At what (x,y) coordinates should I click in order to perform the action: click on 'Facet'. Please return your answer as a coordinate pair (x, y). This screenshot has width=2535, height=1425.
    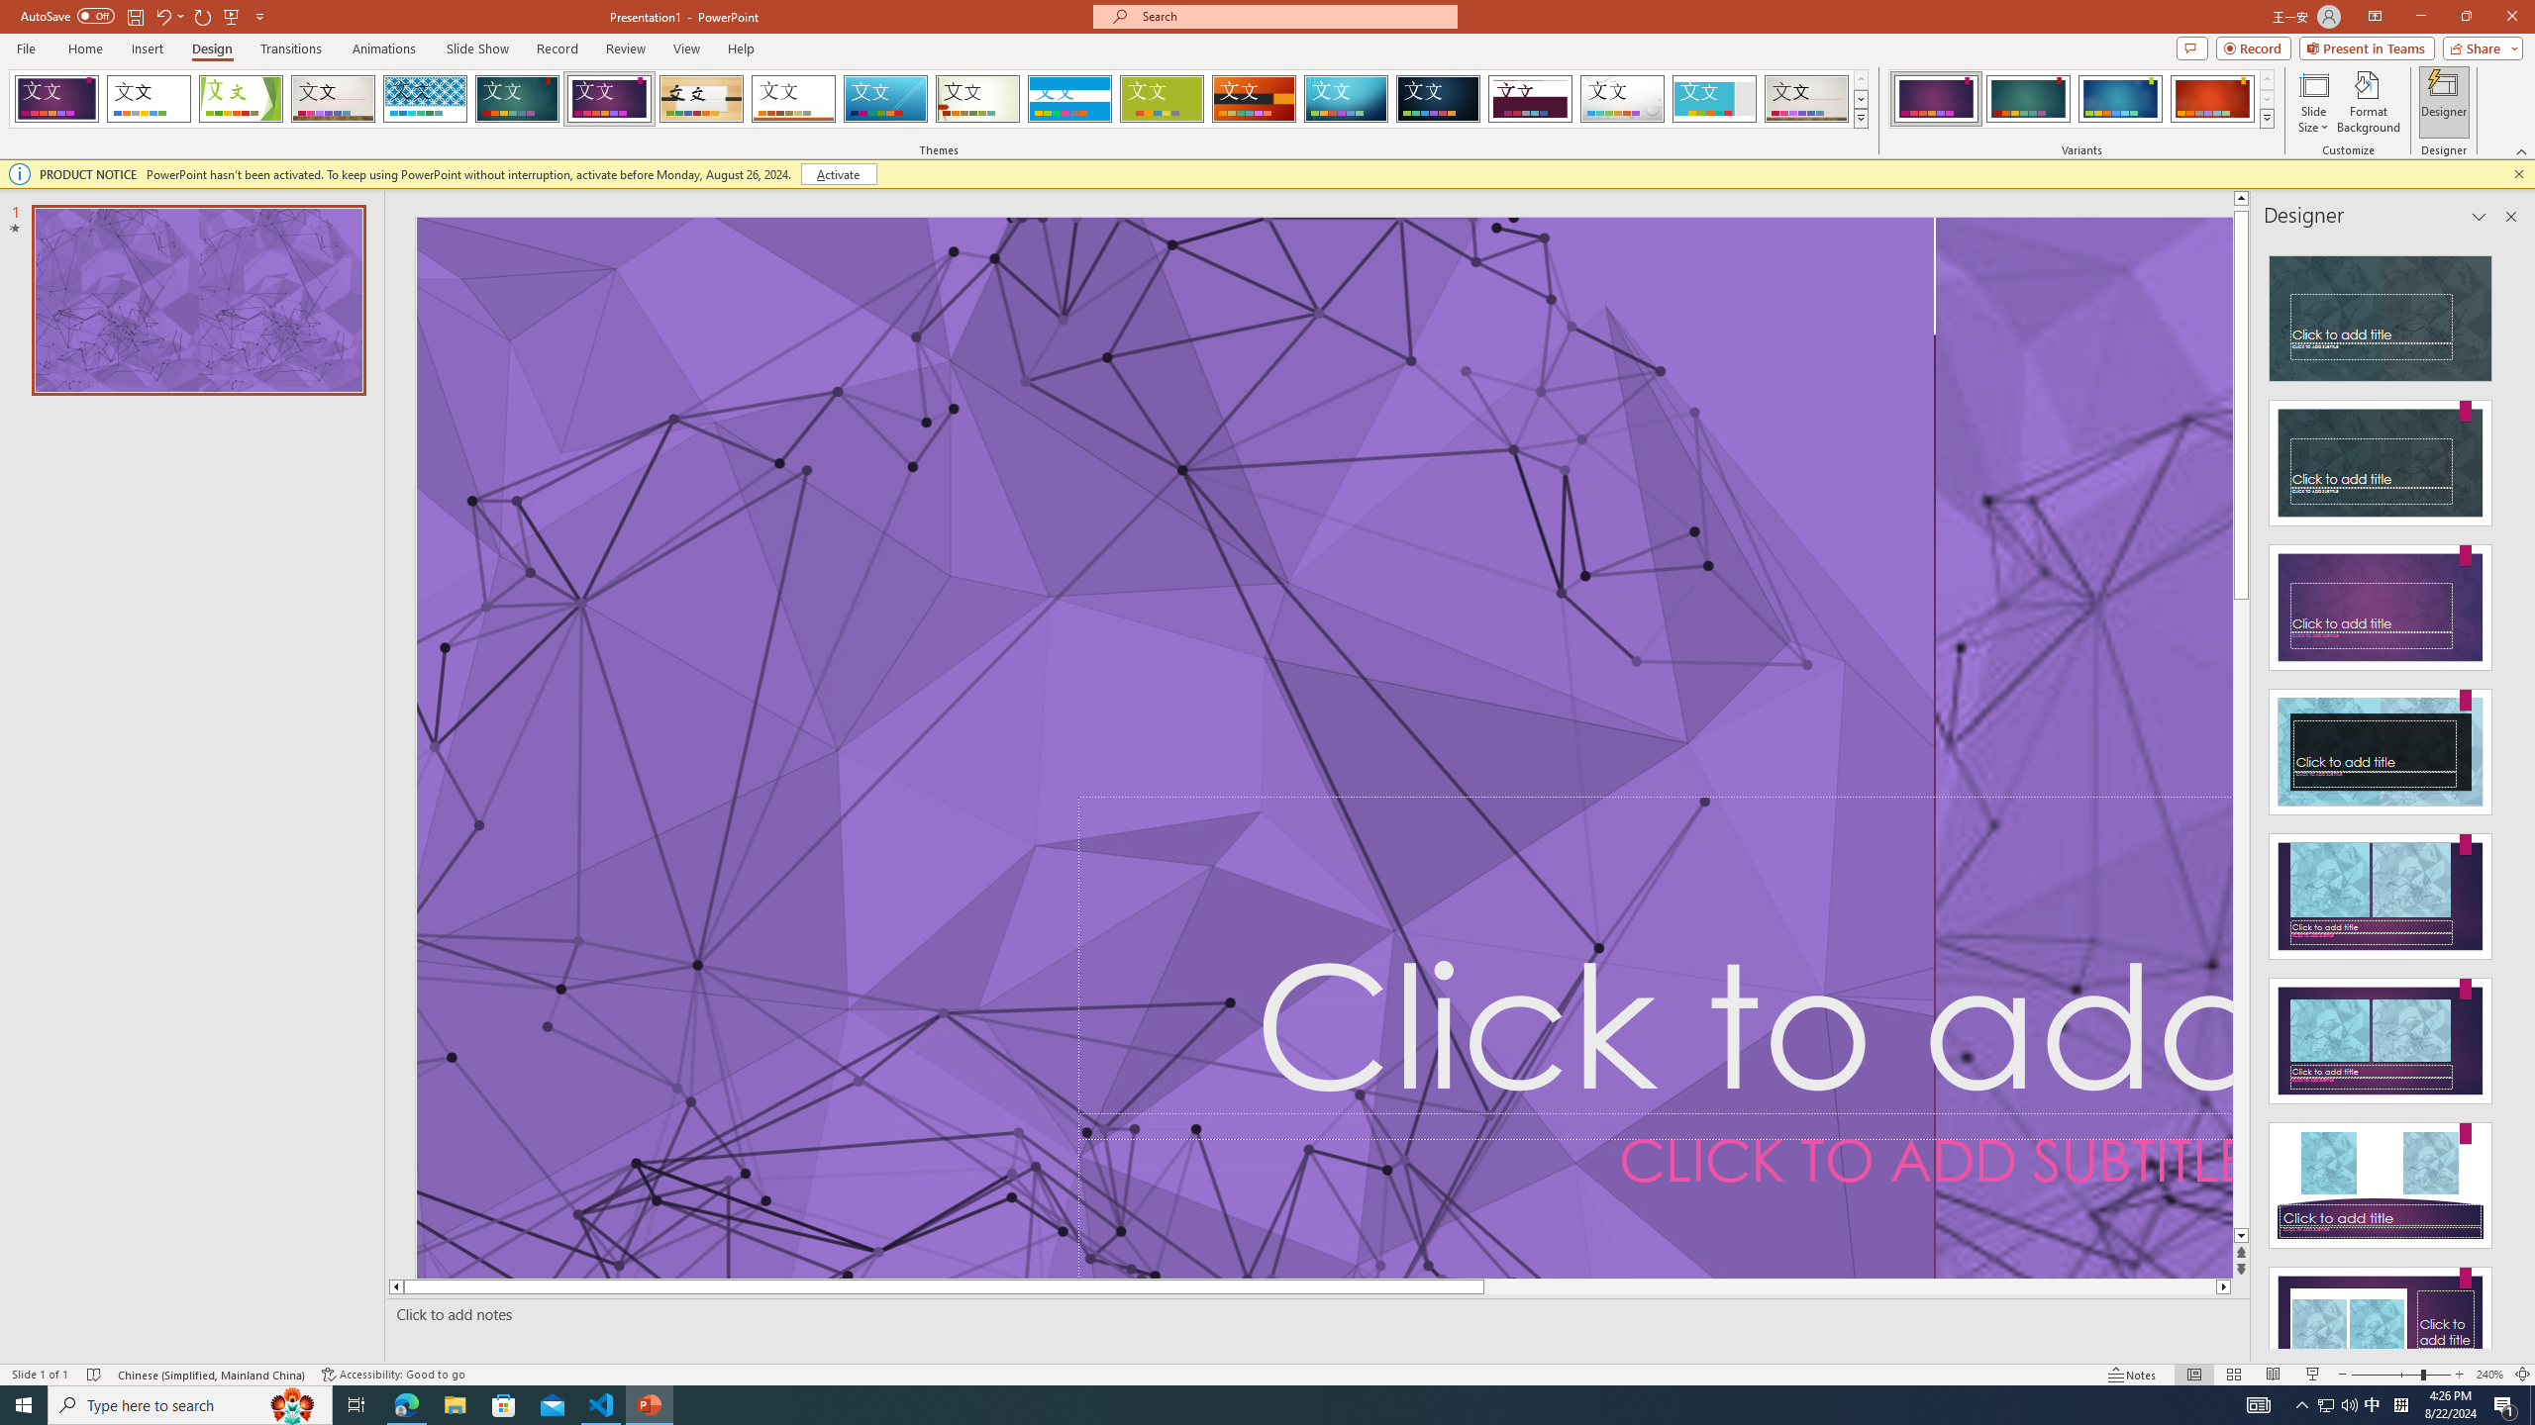
    Looking at the image, I should click on (240, 98).